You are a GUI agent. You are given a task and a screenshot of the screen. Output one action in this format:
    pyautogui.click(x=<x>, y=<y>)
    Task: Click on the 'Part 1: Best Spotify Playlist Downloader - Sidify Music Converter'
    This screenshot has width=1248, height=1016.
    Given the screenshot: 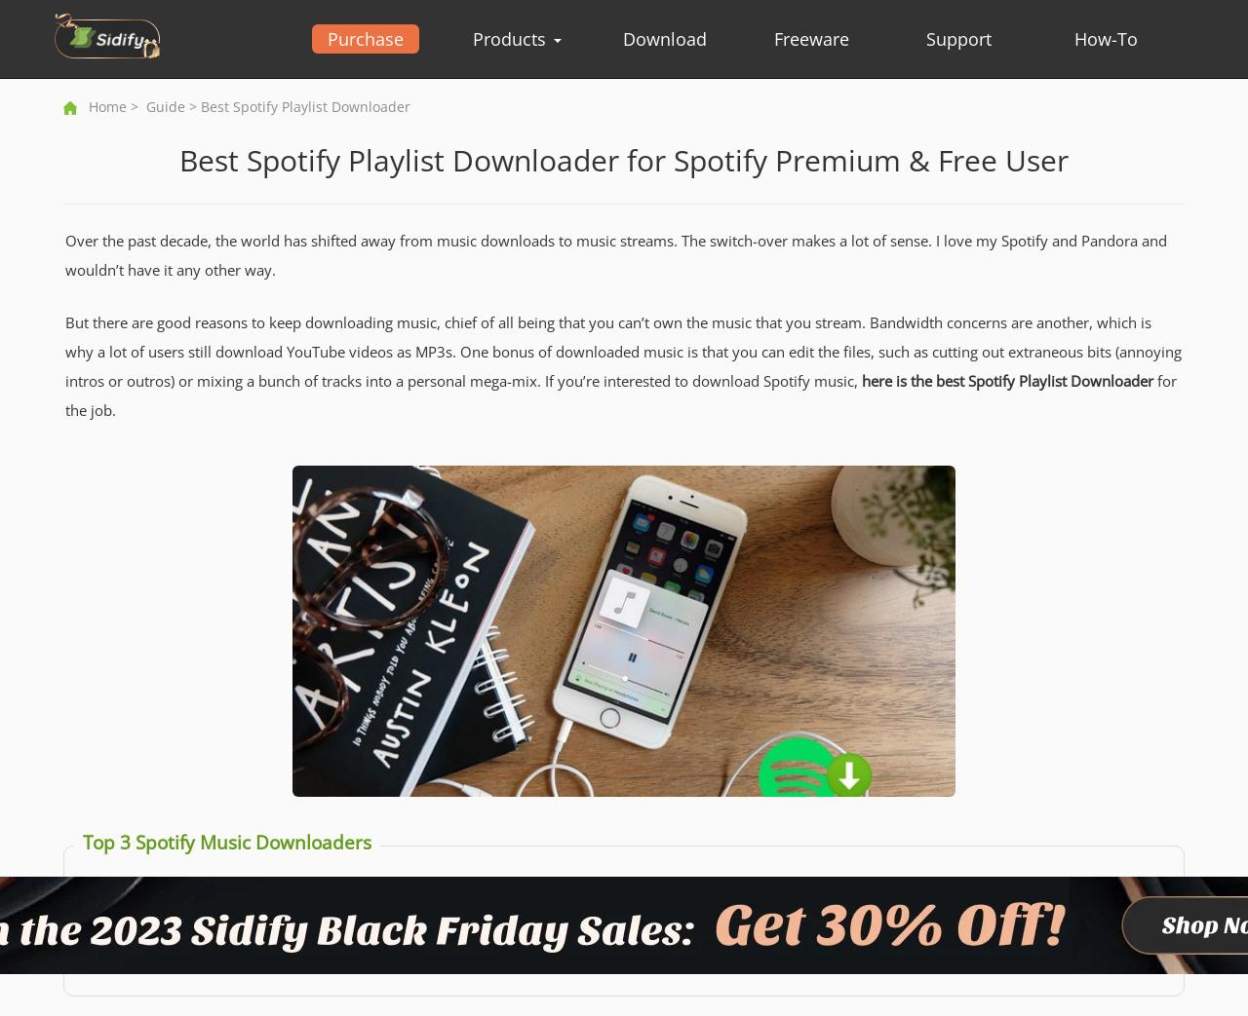 What is the action you would take?
    pyautogui.click(x=330, y=890)
    